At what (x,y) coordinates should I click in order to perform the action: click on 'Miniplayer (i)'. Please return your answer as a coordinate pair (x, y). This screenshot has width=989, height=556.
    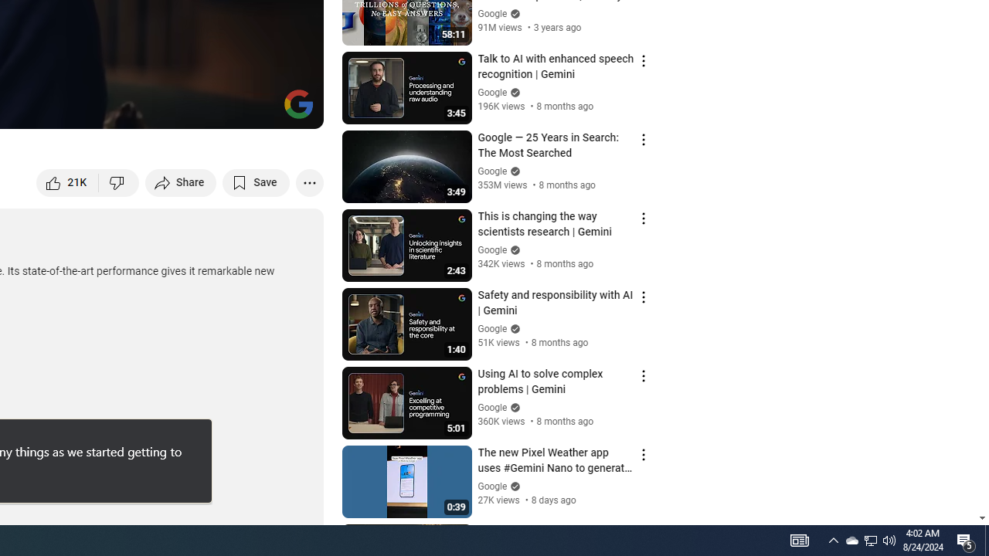
    Looking at the image, I should click on (220, 109).